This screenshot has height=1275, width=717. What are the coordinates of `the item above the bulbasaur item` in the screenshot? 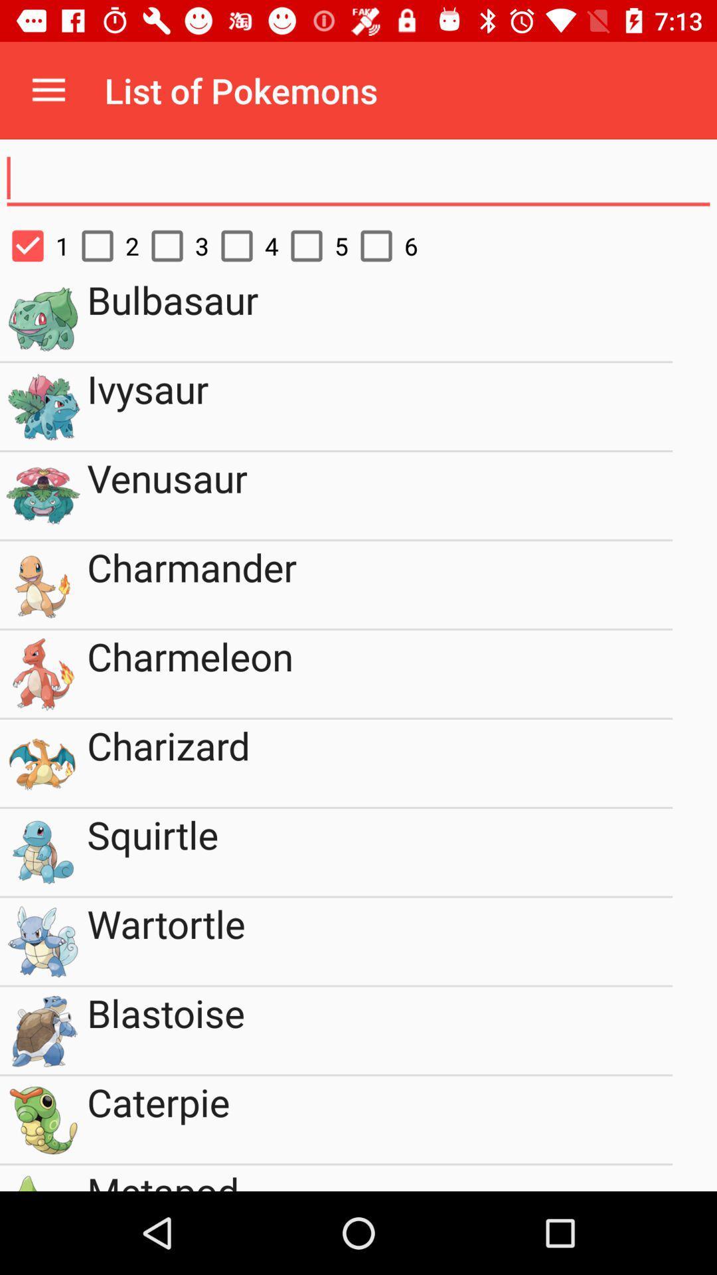 It's located at (244, 246).